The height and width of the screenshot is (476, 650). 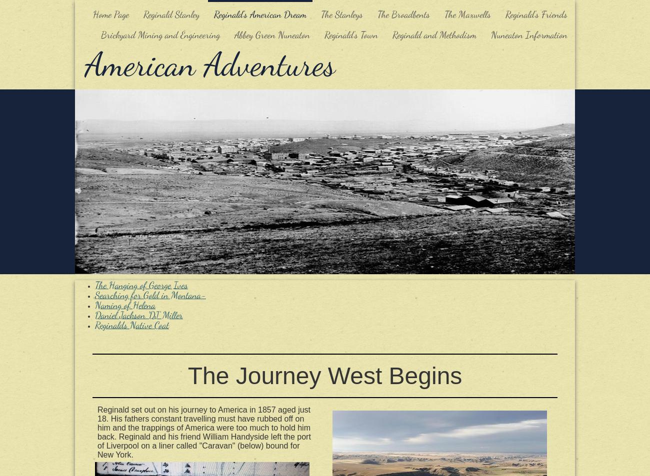 What do you see at coordinates (124, 305) in the screenshot?
I see `'Naming of Helena'` at bounding box center [124, 305].